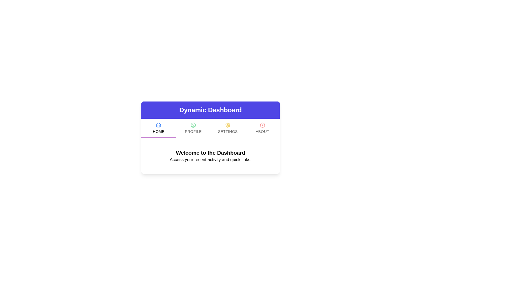  Describe the element at coordinates (262, 128) in the screenshot. I see `the 'About' tab in the 'Dynamic Dashboard' navigation bar` at that location.